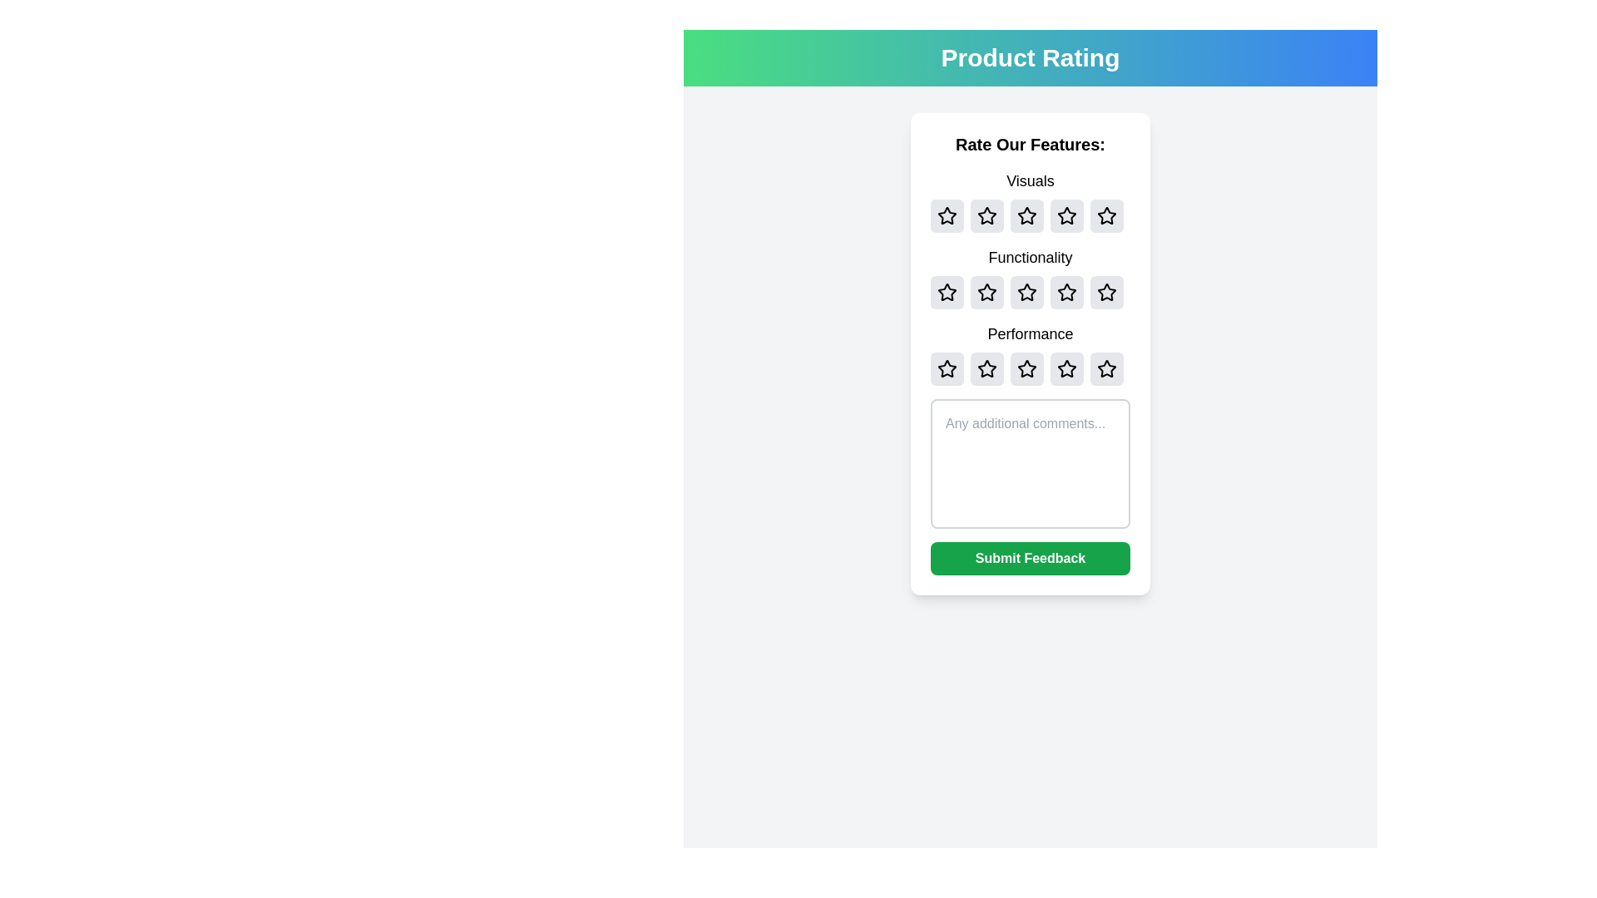  I want to click on the fifth rating star icon in the 'Visuals' rating section of the 'Product Rating' panel to rate it, so click(1105, 214).